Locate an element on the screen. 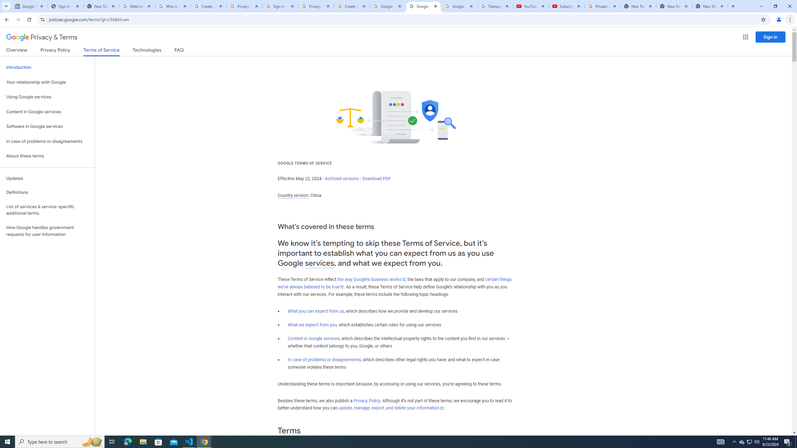 The height and width of the screenshot is (448, 797). 'YouTube' is located at coordinates (530, 6).